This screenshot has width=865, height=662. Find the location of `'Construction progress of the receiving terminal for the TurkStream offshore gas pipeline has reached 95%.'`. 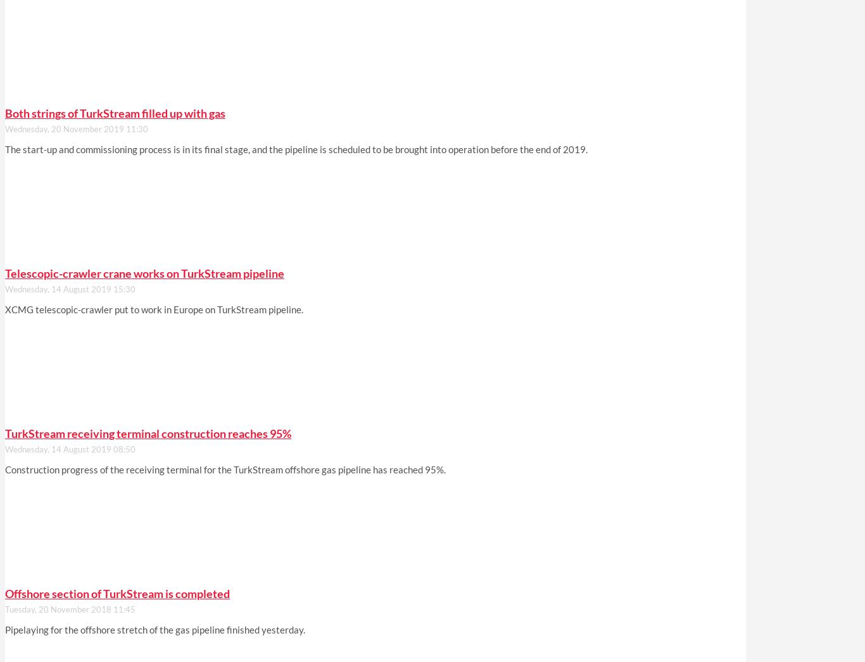

'Construction progress of the receiving terminal for the TurkStream offshore gas pipeline has reached 95%.' is located at coordinates (224, 469).